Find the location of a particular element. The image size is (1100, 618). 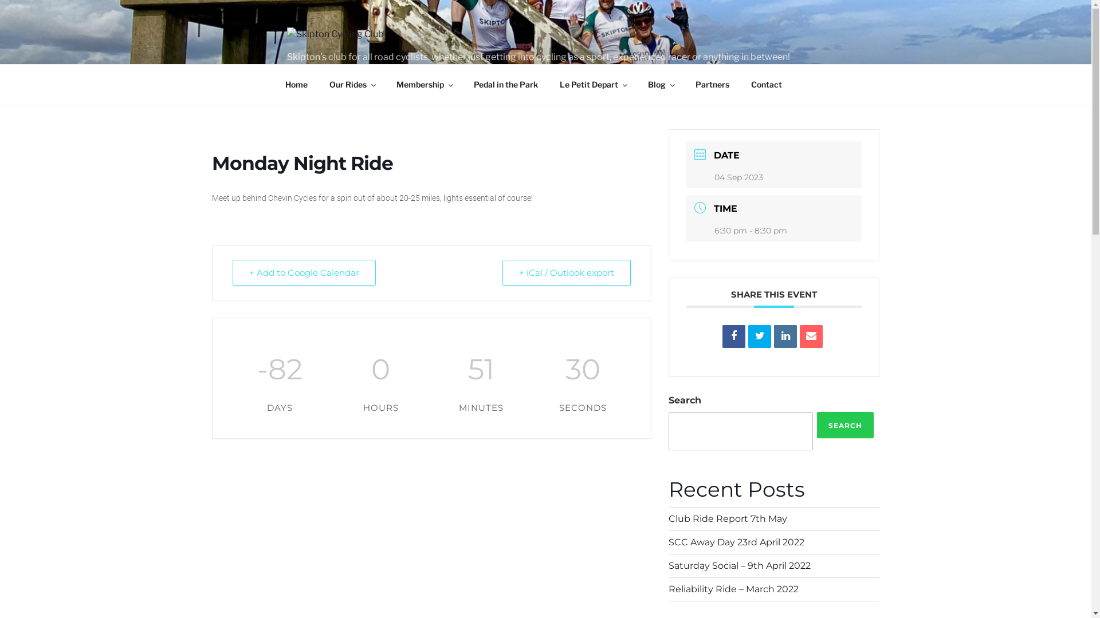

'+ Add to Google Calendar' is located at coordinates (304, 272).